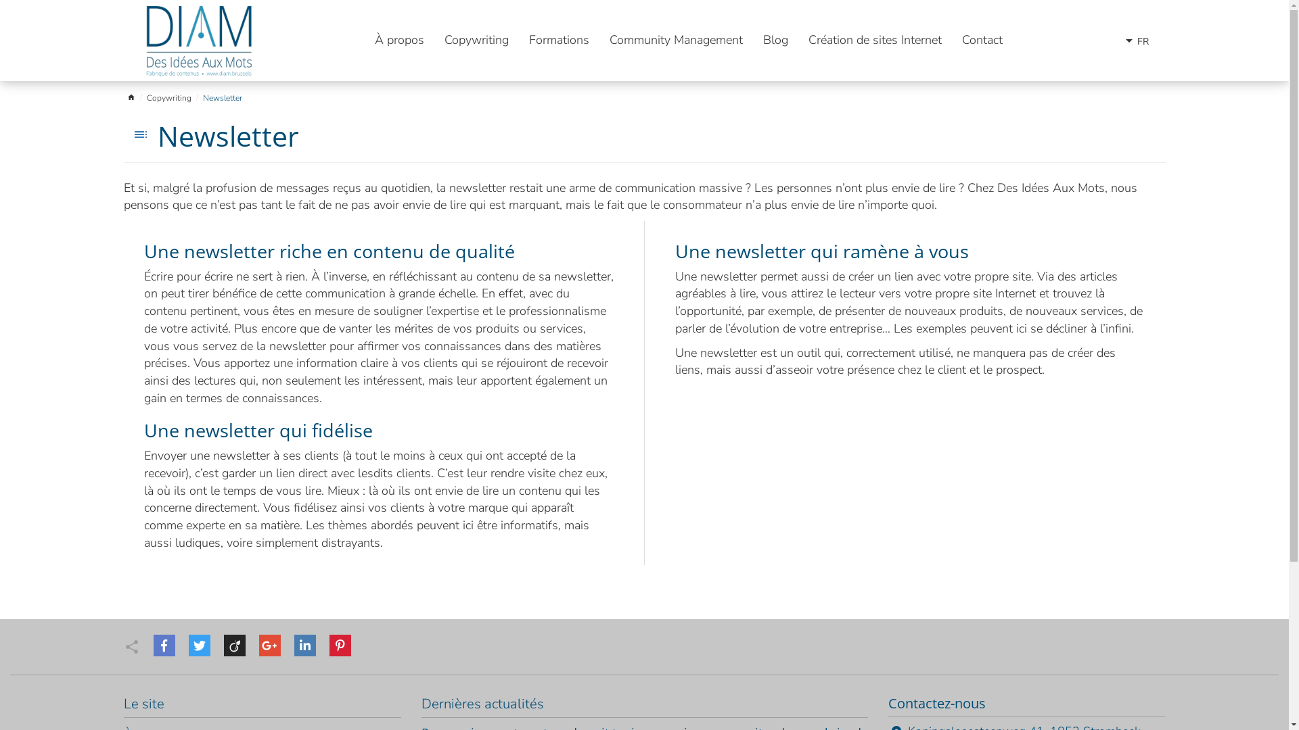 The width and height of the screenshot is (1299, 730). Describe the element at coordinates (775, 40) in the screenshot. I see `'Blog'` at that location.